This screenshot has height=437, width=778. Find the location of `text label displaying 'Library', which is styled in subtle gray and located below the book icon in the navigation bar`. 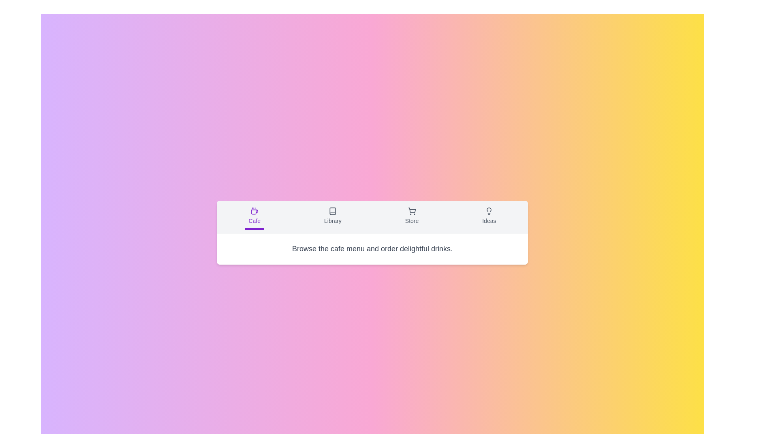

text label displaying 'Library', which is styled in subtle gray and located below the book icon in the navigation bar is located at coordinates (333, 221).